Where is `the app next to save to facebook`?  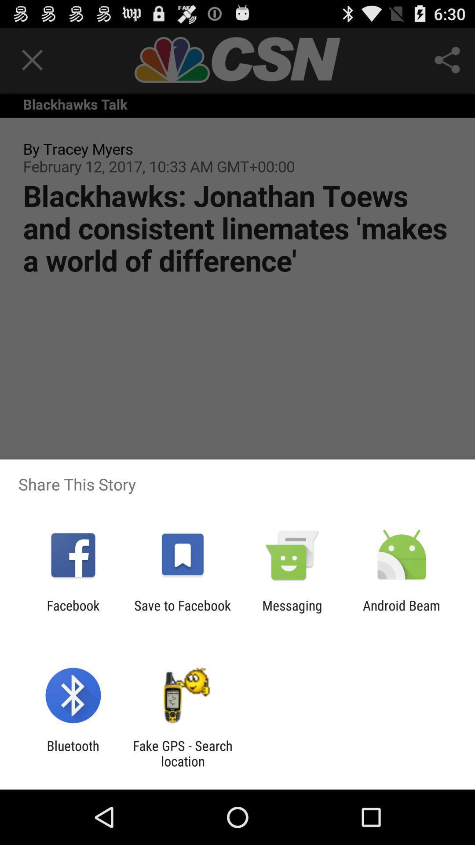 the app next to save to facebook is located at coordinates (292, 613).